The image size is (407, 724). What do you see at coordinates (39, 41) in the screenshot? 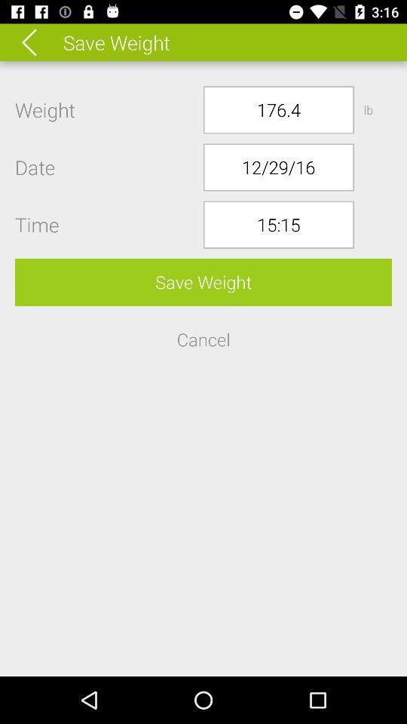
I see `the icon above the weight icon` at bounding box center [39, 41].